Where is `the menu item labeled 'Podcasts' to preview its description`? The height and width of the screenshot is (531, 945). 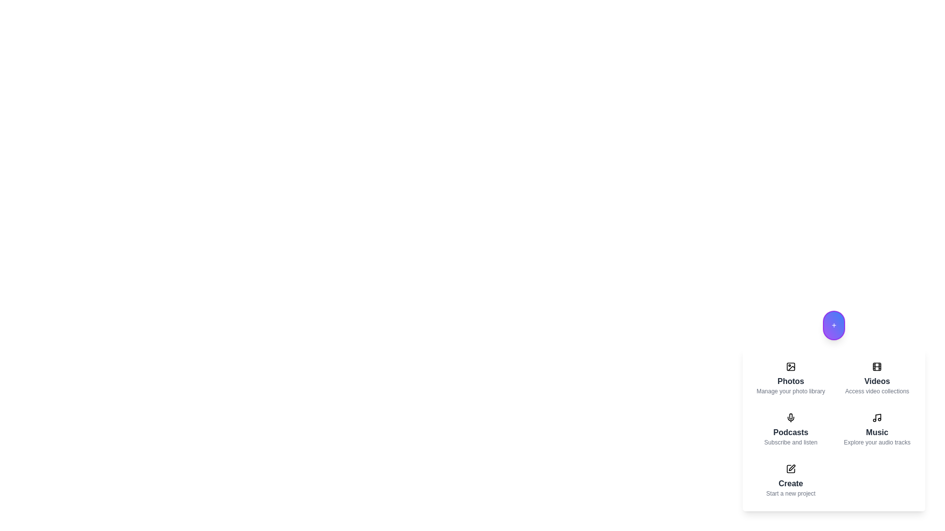
the menu item labeled 'Podcasts' to preview its description is located at coordinates (790, 429).